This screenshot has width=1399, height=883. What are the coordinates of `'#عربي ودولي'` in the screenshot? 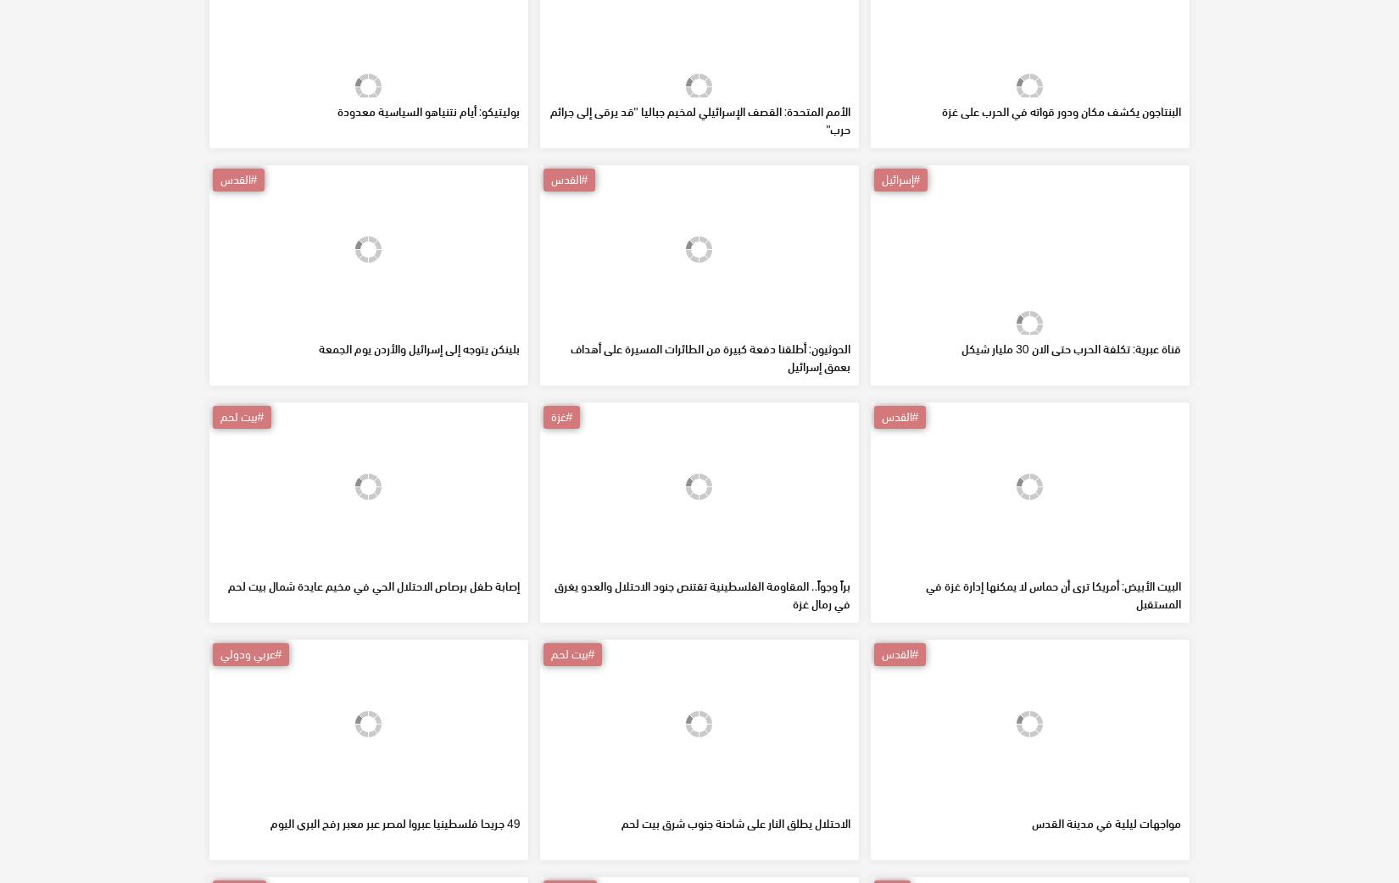 It's located at (250, 775).